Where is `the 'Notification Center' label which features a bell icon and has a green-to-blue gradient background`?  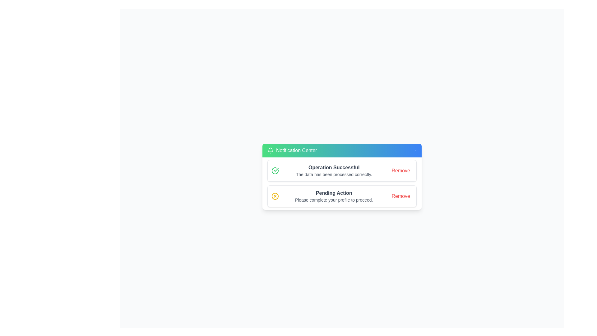 the 'Notification Center' label which features a bell icon and has a green-to-blue gradient background is located at coordinates (292, 150).